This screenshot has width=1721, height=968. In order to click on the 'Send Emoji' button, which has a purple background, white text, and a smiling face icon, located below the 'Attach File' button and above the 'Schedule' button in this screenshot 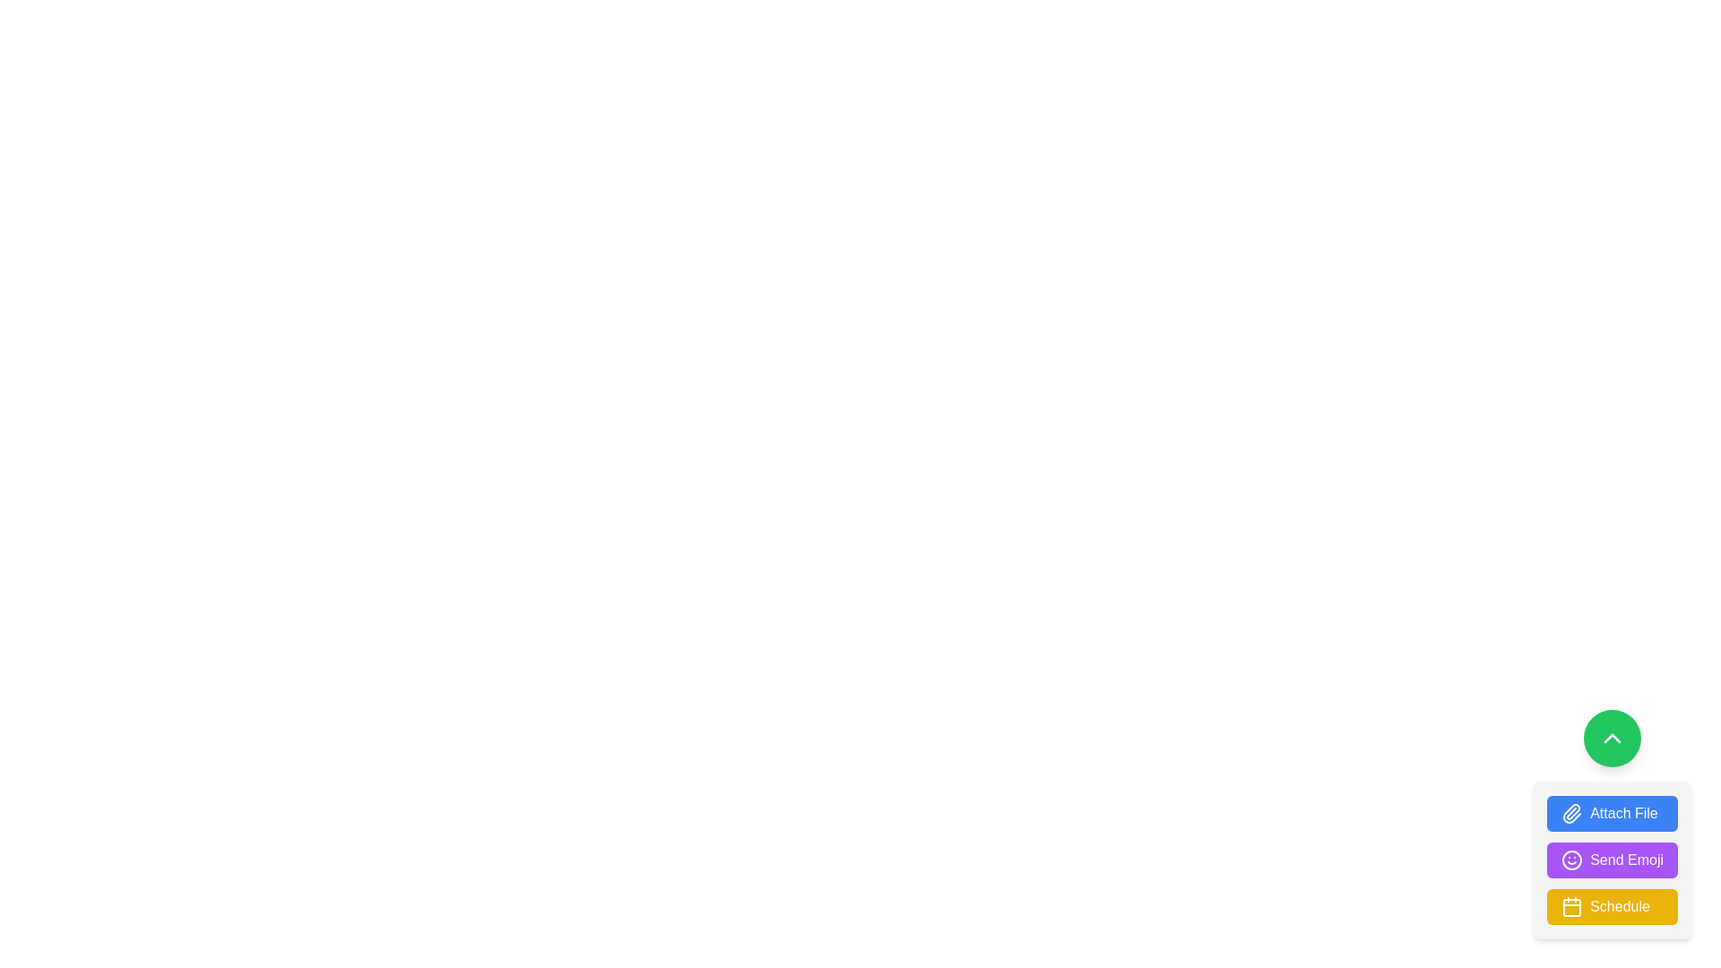, I will do `click(1613, 860)`.